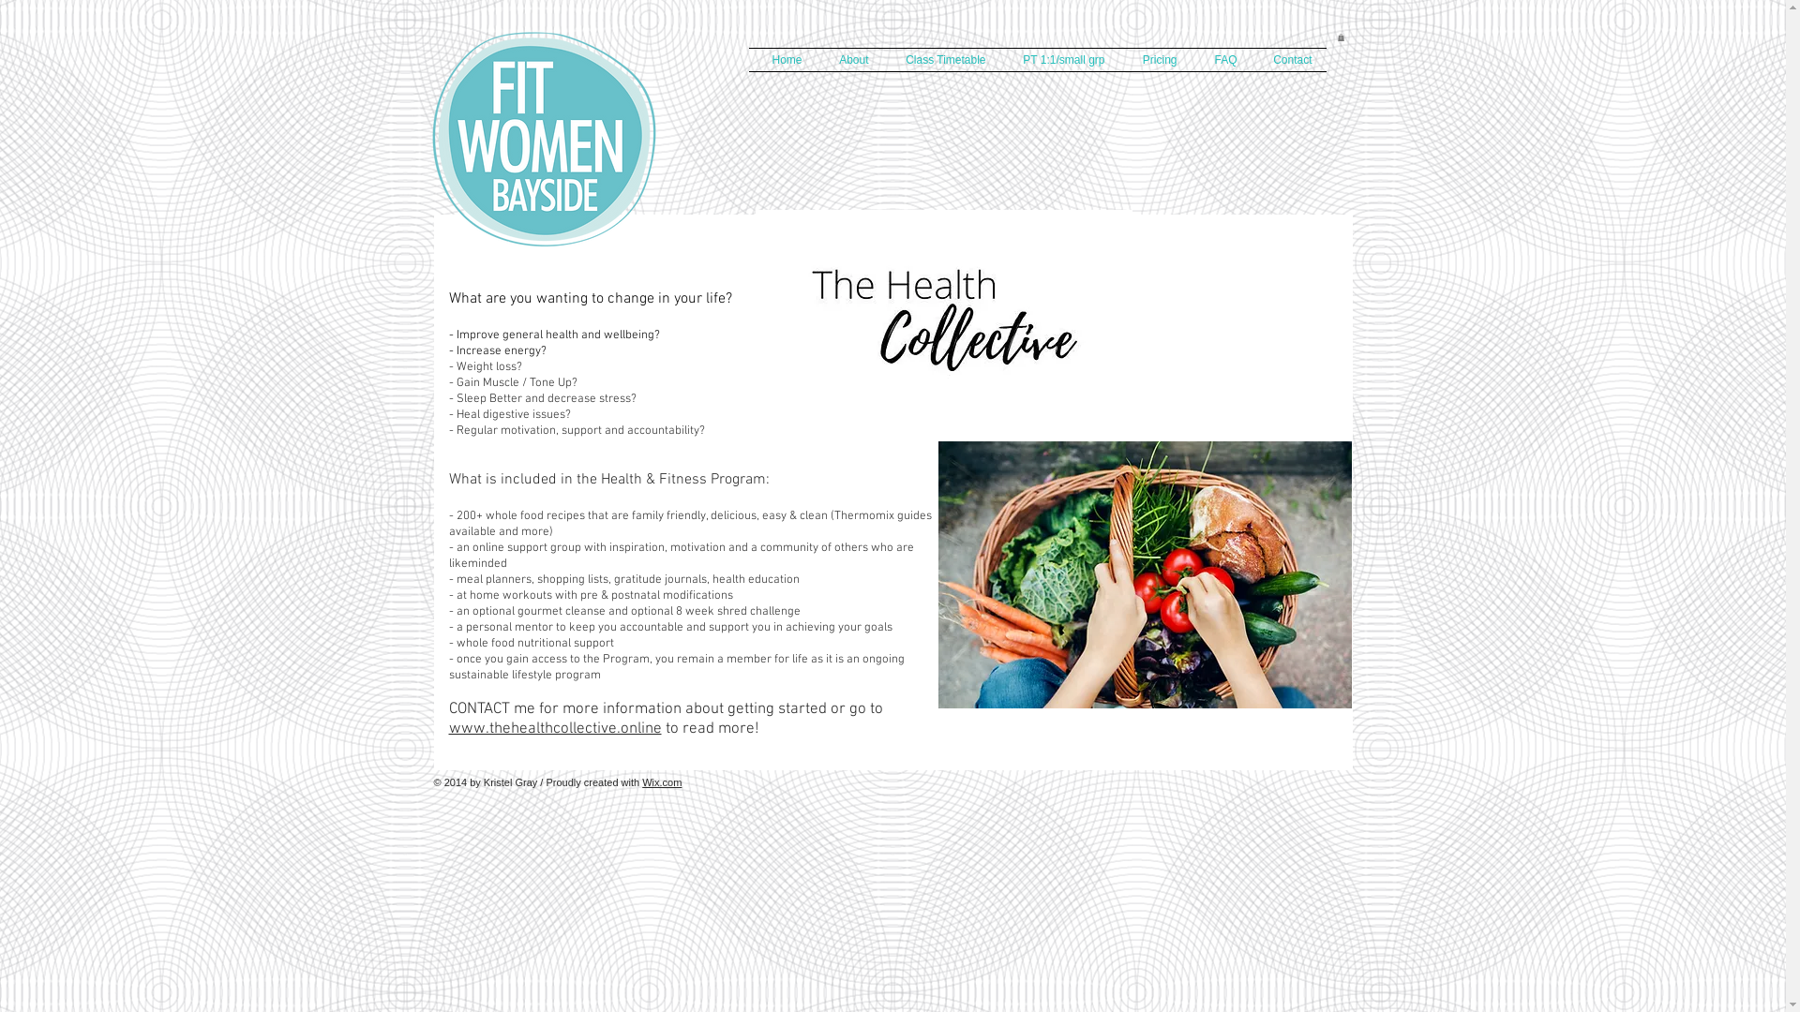 The width and height of the screenshot is (1800, 1012). What do you see at coordinates (661, 781) in the screenshot?
I see `'Wix.com'` at bounding box center [661, 781].